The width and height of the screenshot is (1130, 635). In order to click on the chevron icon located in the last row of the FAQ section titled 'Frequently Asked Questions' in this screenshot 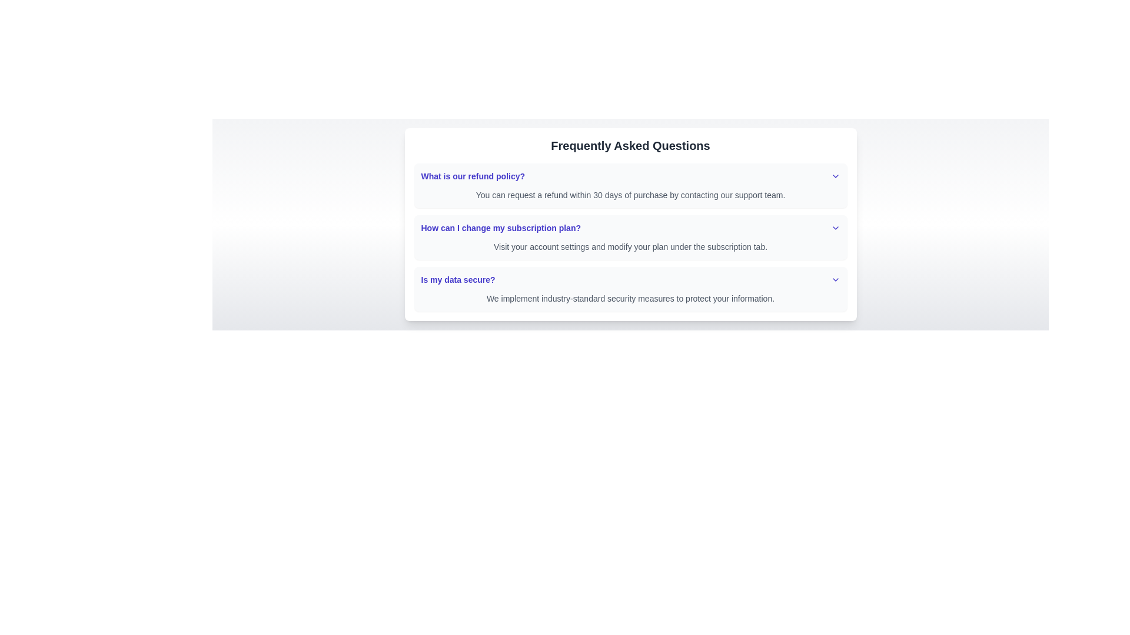, I will do `click(835, 279)`.